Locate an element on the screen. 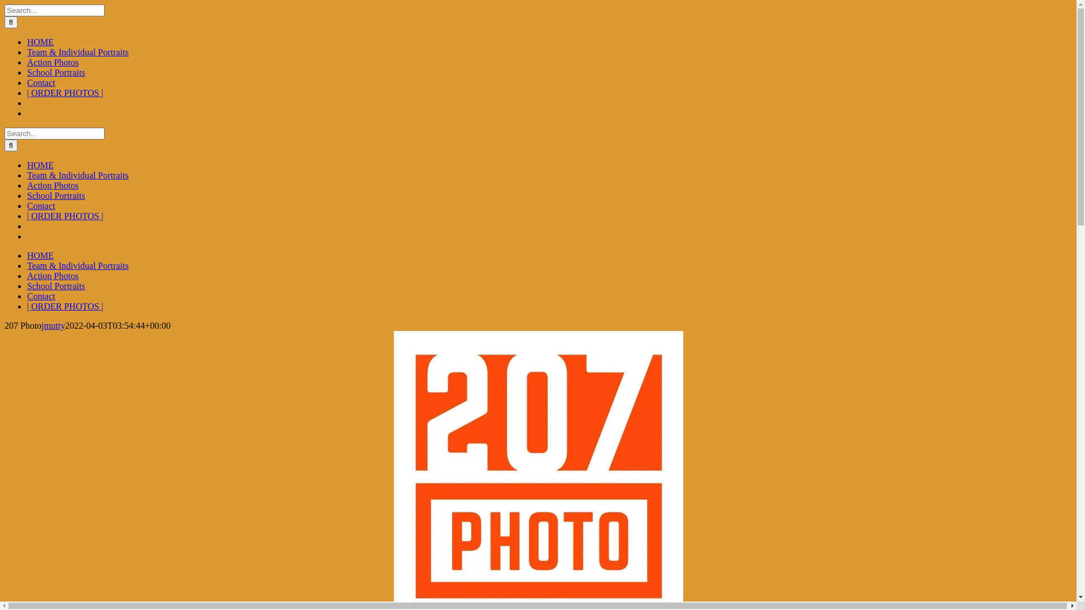  'HOME' is located at coordinates (40, 41).